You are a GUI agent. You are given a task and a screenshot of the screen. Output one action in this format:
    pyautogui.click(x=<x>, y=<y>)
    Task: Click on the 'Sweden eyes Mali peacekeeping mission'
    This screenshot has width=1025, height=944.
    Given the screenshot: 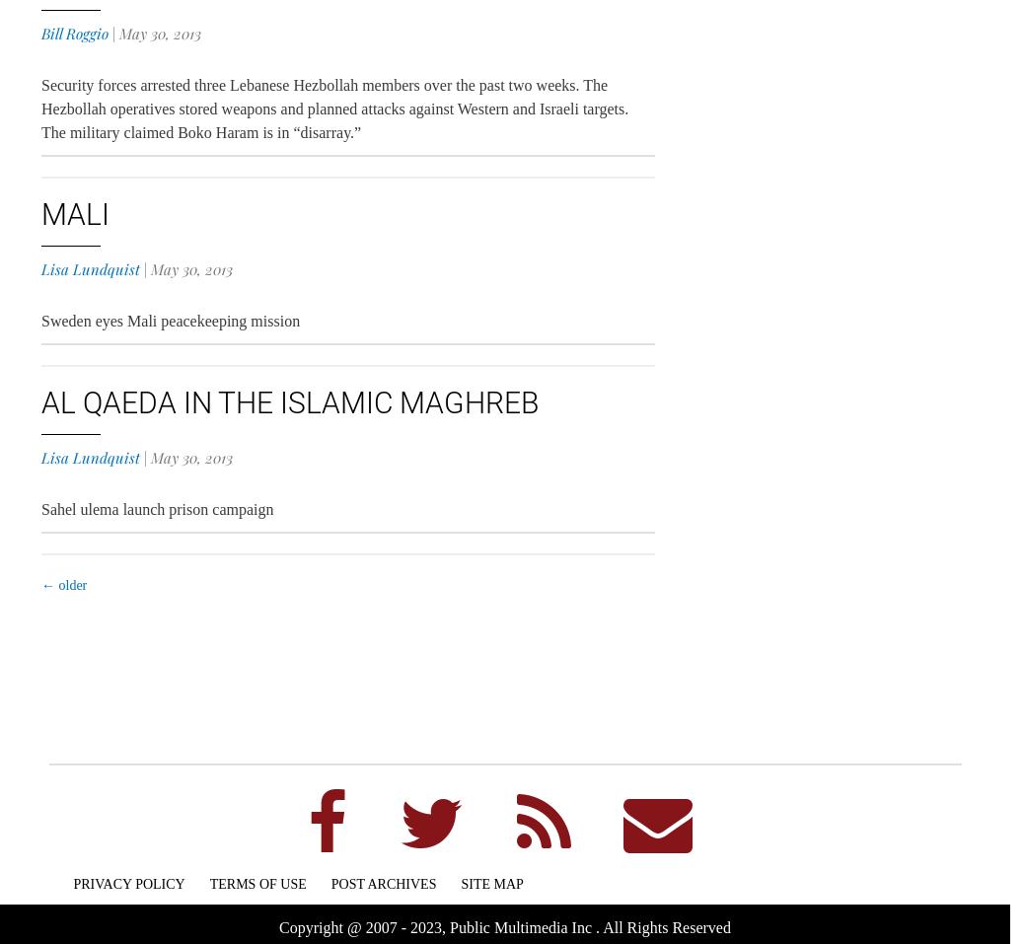 What is the action you would take?
    pyautogui.click(x=169, y=321)
    